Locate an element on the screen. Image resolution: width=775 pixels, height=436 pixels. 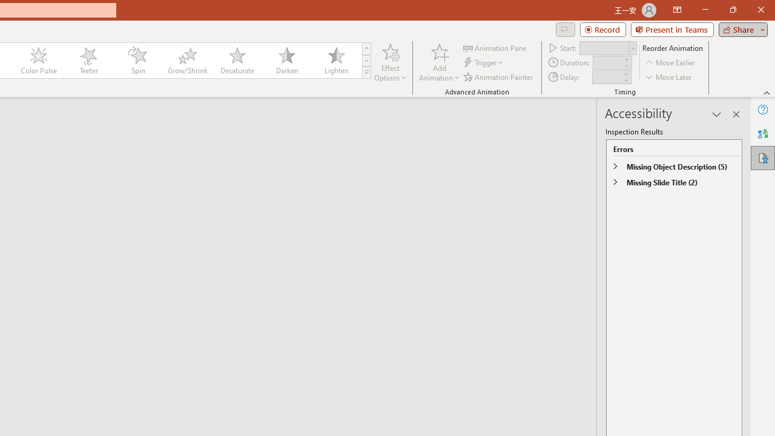
'Animation Painter' is located at coordinates (499, 77).